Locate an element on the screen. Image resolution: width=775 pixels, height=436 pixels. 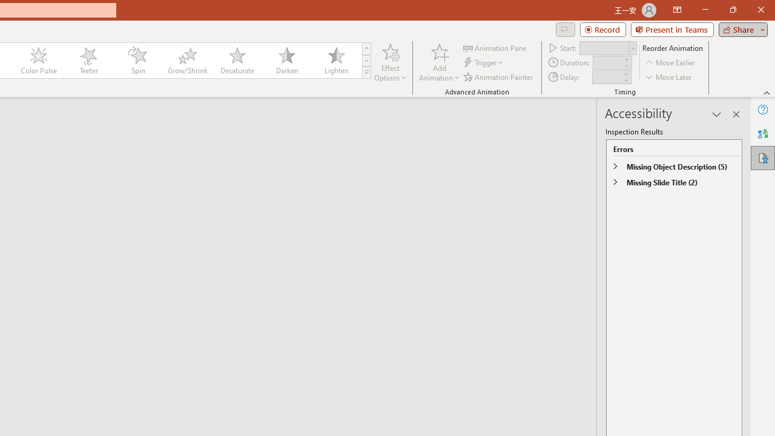
'Animation Painter' is located at coordinates (499, 77).